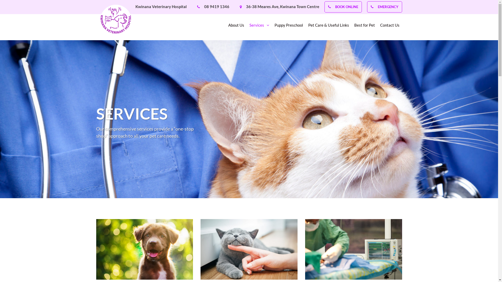  Describe the element at coordinates (288, 26) in the screenshot. I see `'Puppy Preschool'` at that location.